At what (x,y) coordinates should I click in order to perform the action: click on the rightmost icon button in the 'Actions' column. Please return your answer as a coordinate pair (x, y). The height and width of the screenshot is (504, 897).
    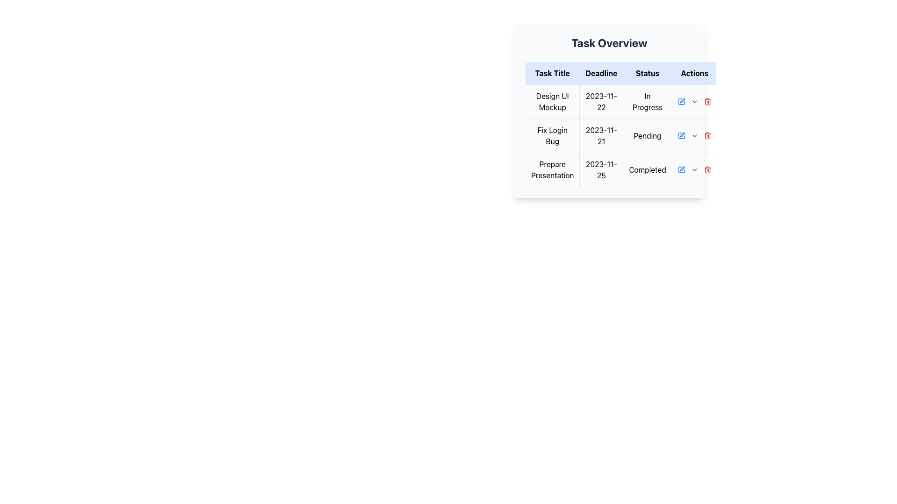
    Looking at the image, I should click on (708, 136).